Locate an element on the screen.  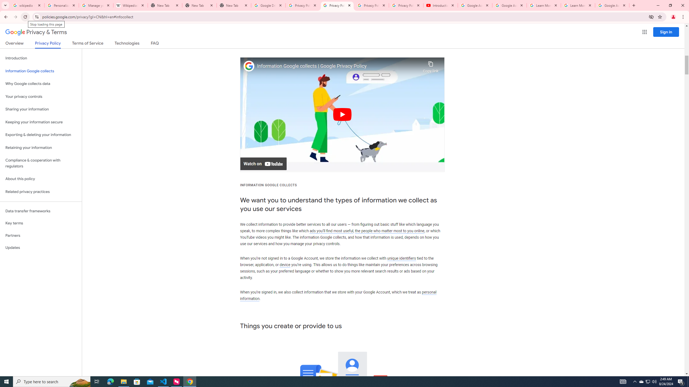
'Google apps' is located at coordinates (644, 32).